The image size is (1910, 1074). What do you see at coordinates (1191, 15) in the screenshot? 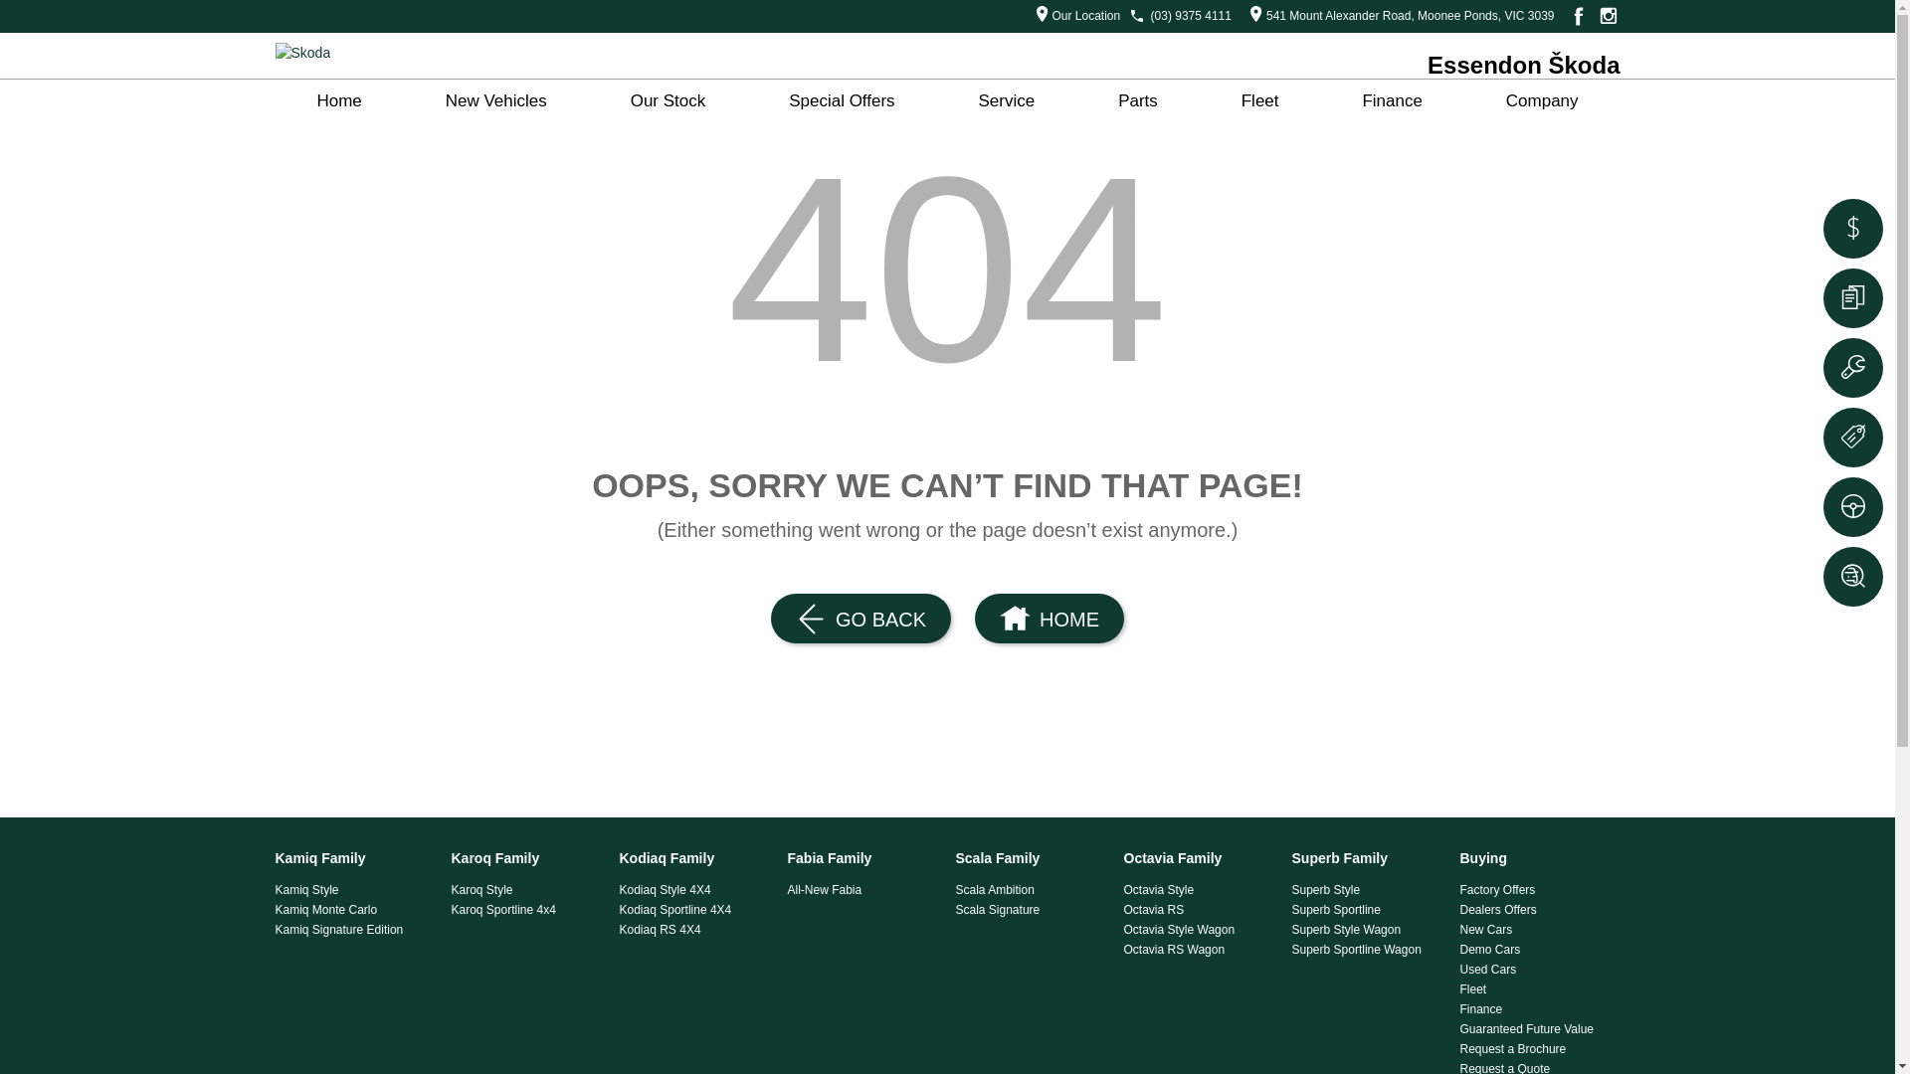
I see `'(03) 9375 4111'` at bounding box center [1191, 15].